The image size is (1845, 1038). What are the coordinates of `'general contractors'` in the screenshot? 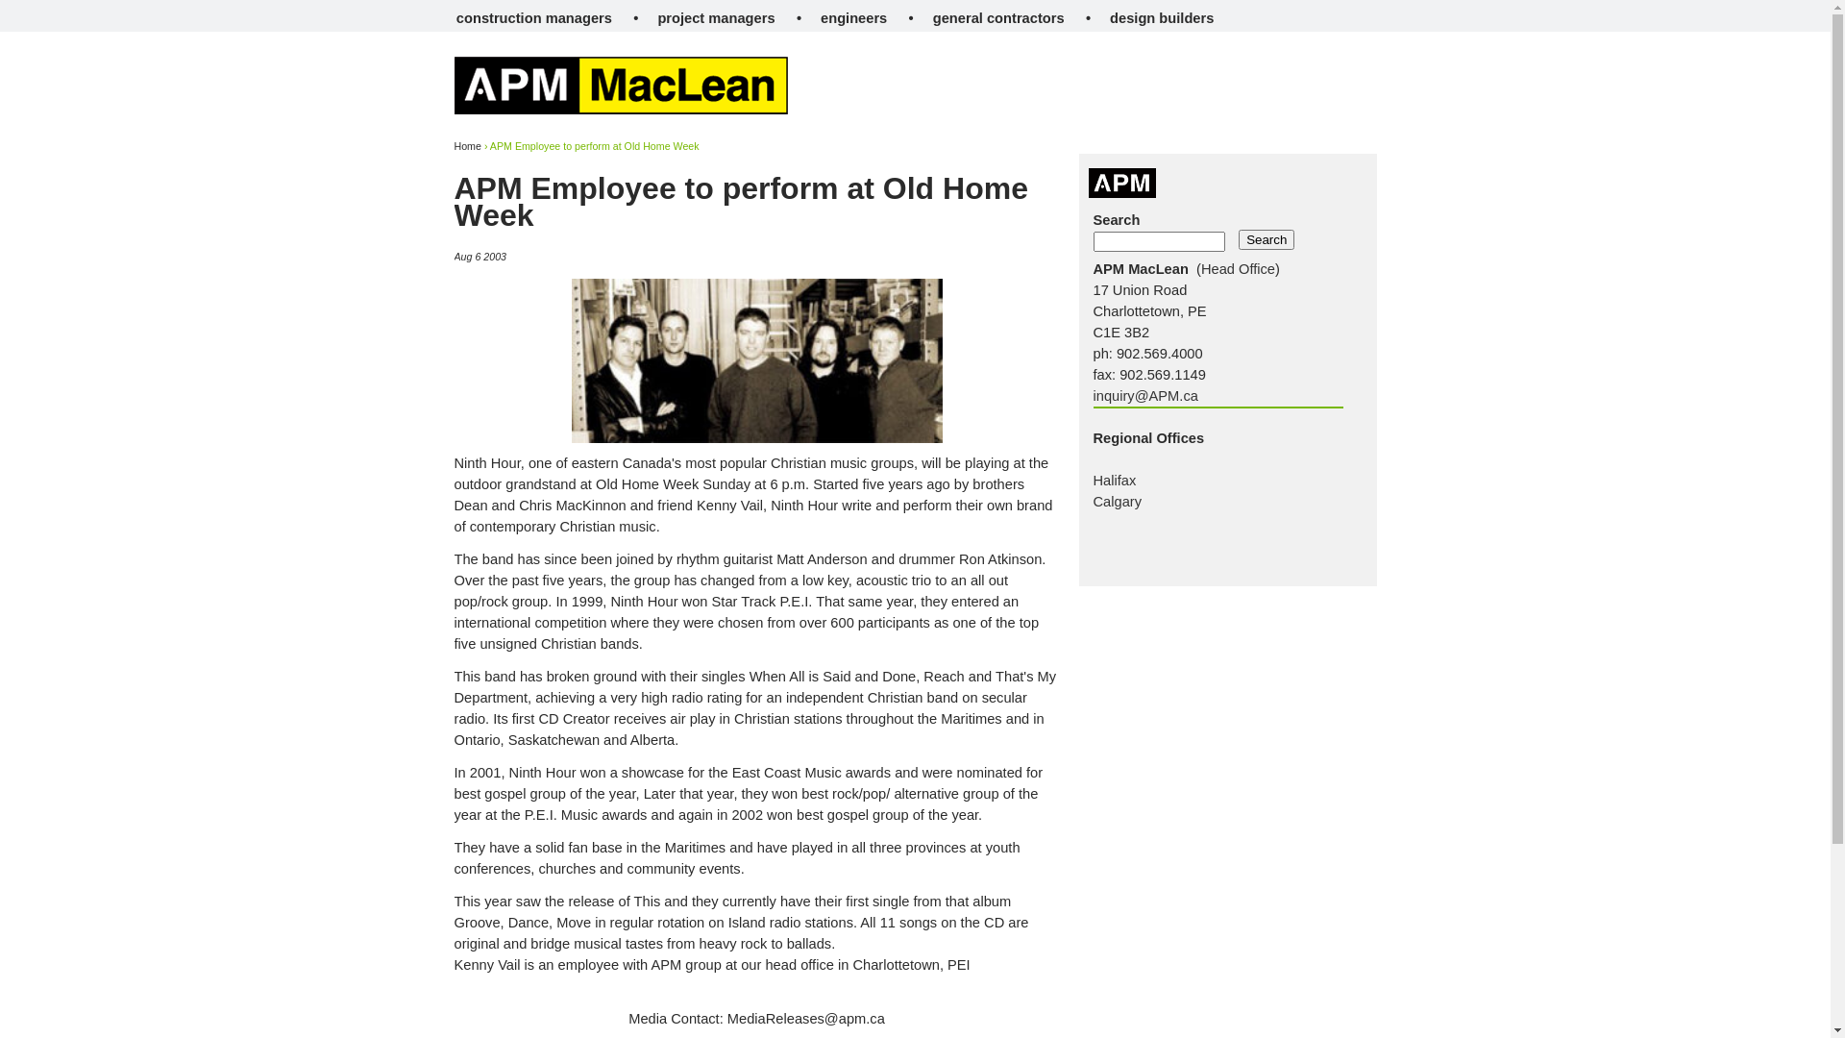 It's located at (998, 18).